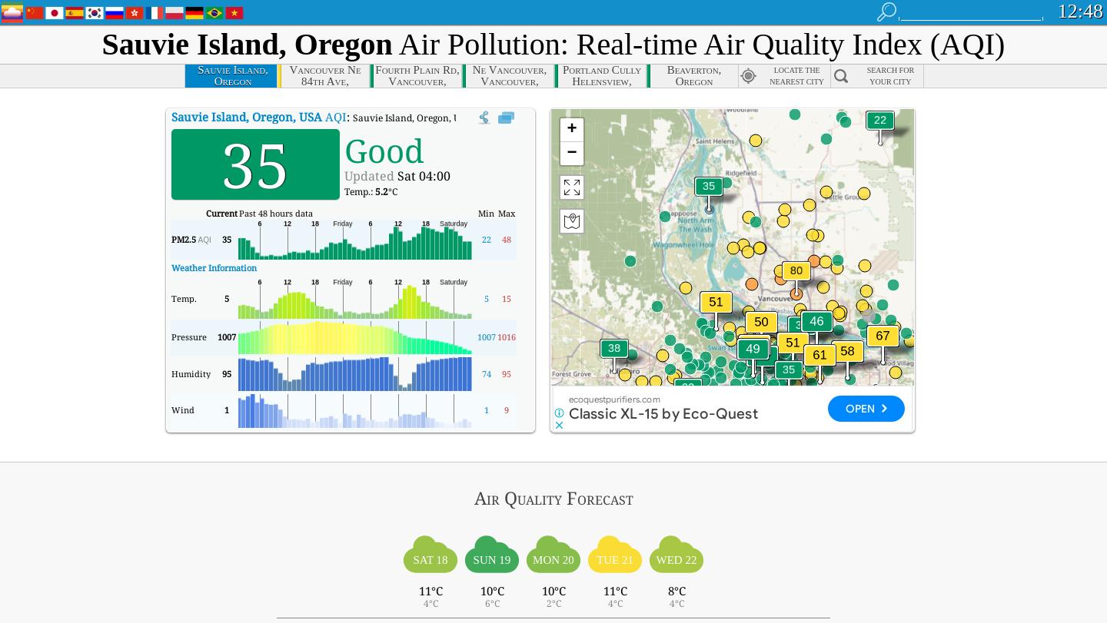  I want to click on 'SEARCH FOR', so click(890, 70).